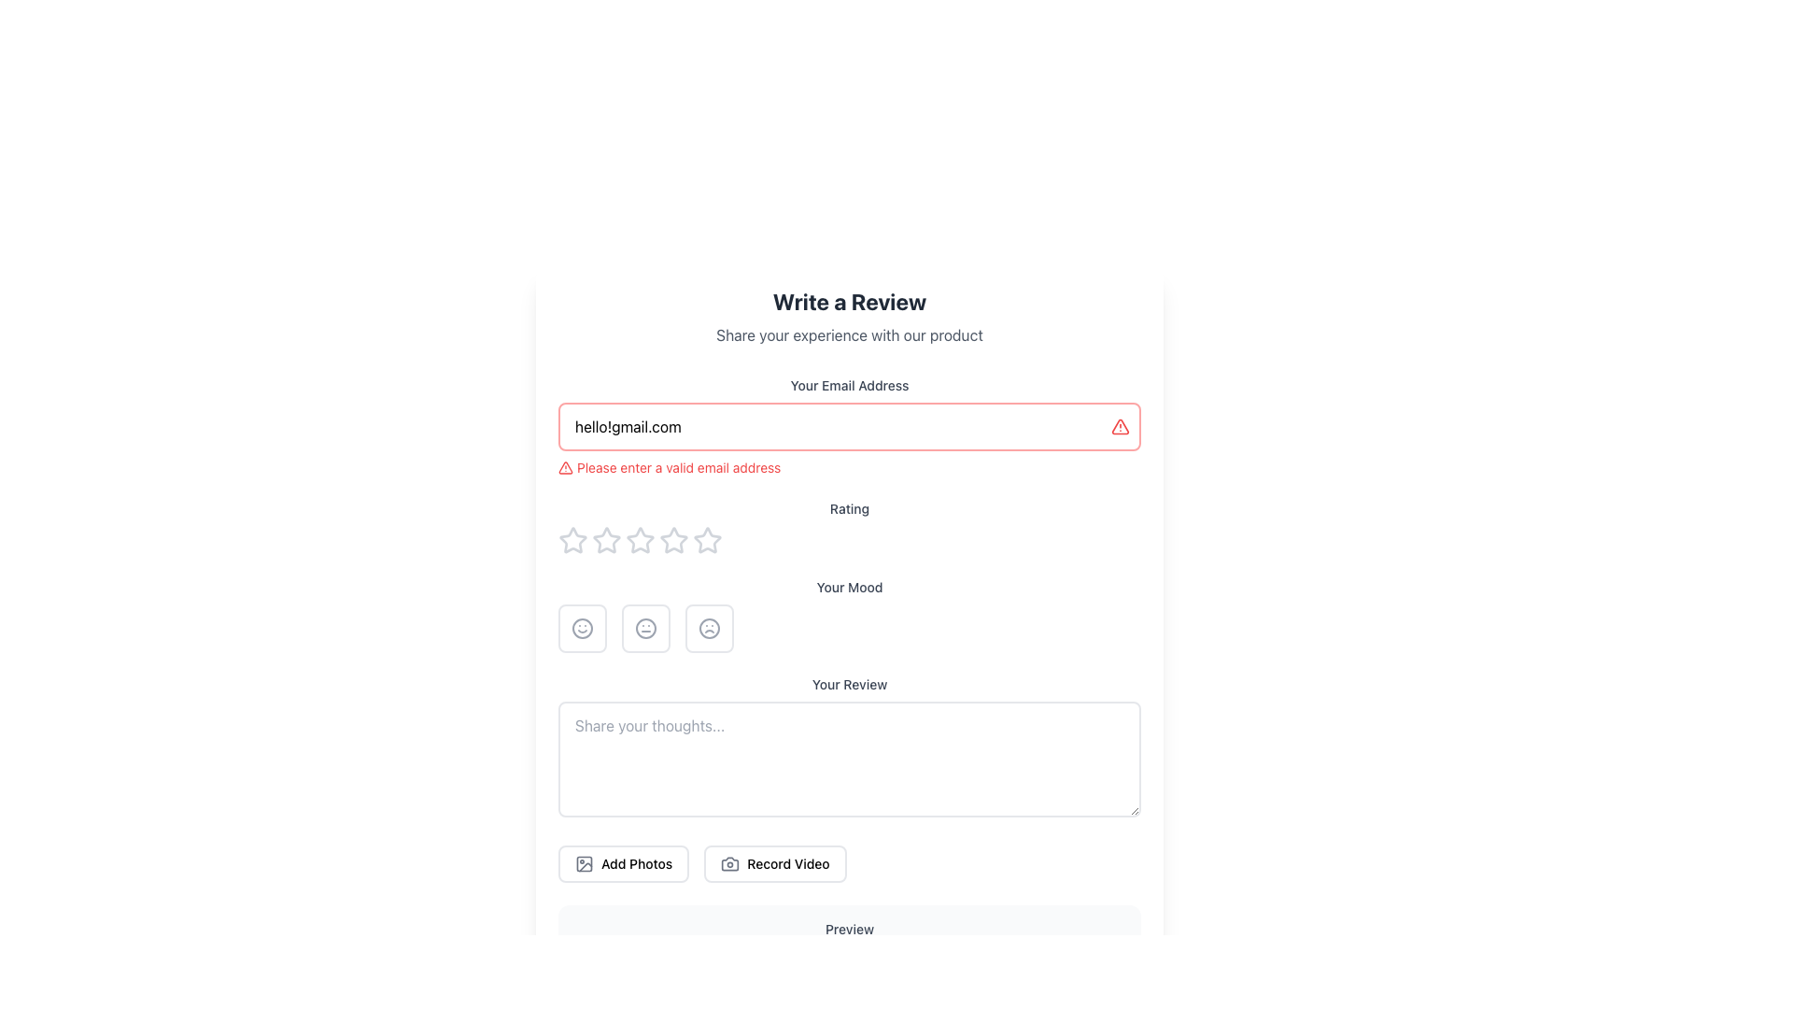 Image resolution: width=1793 pixels, height=1009 pixels. What do you see at coordinates (645, 628) in the screenshot?
I see `the neutral mood icon located in the 'Your Mood' section, positioned between the smiley face and frowning face icons` at bounding box center [645, 628].